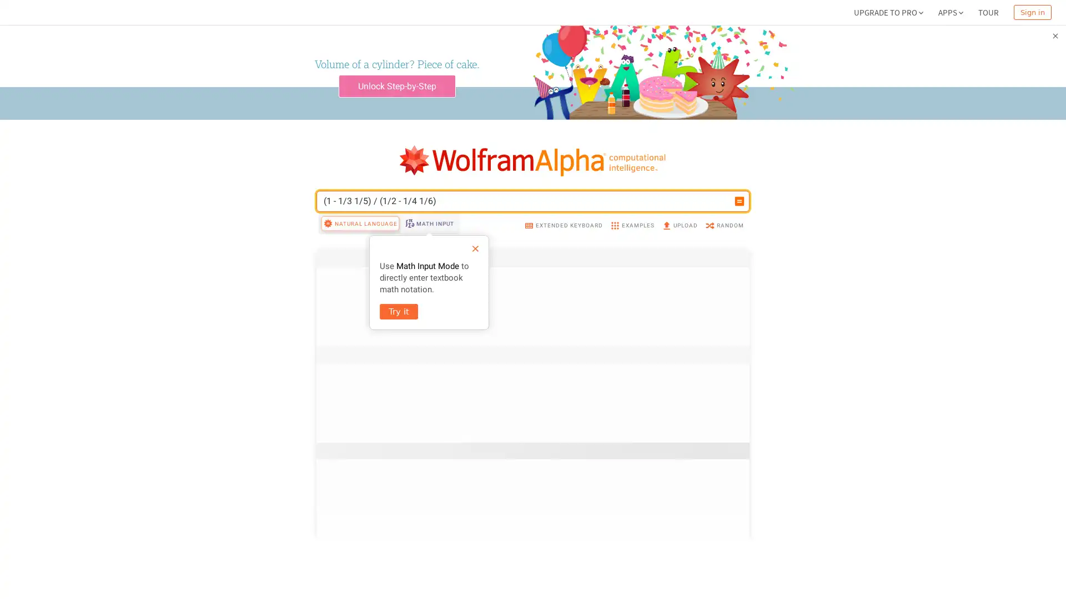 Image resolution: width=1066 pixels, height=599 pixels. Describe the element at coordinates (679, 225) in the screenshot. I see `UPLOAD` at that location.